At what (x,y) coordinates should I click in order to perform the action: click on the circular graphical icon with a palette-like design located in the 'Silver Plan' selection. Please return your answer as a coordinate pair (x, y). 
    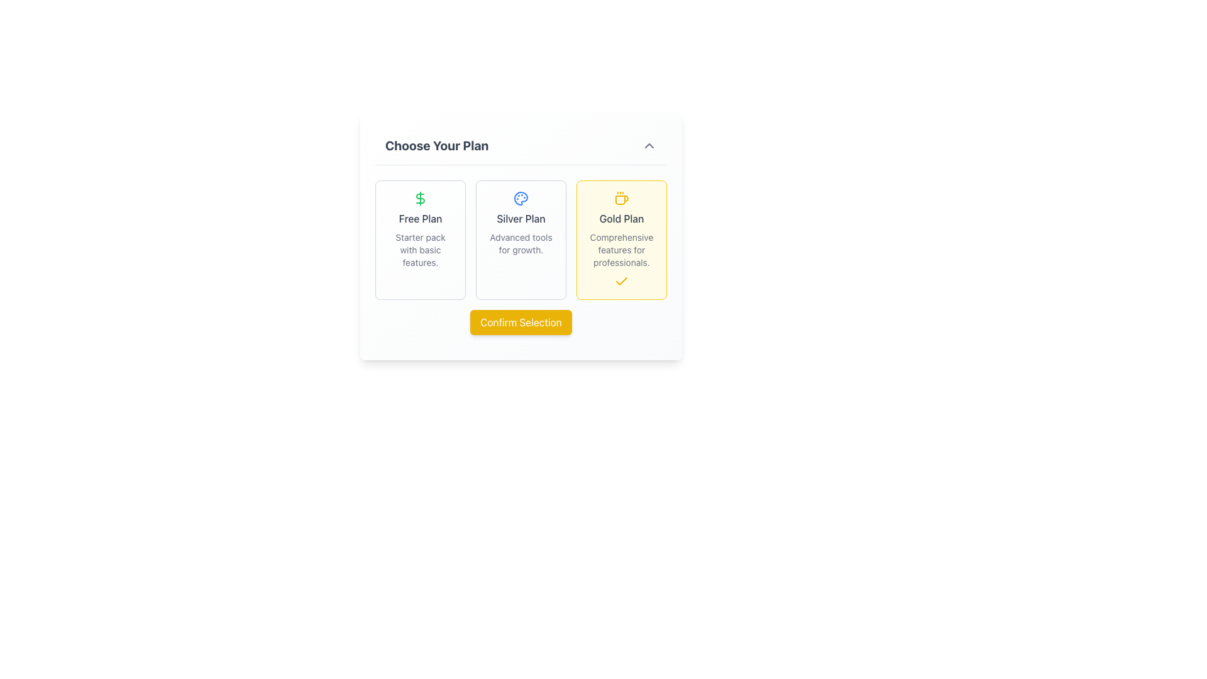
    Looking at the image, I should click on (521, 198).